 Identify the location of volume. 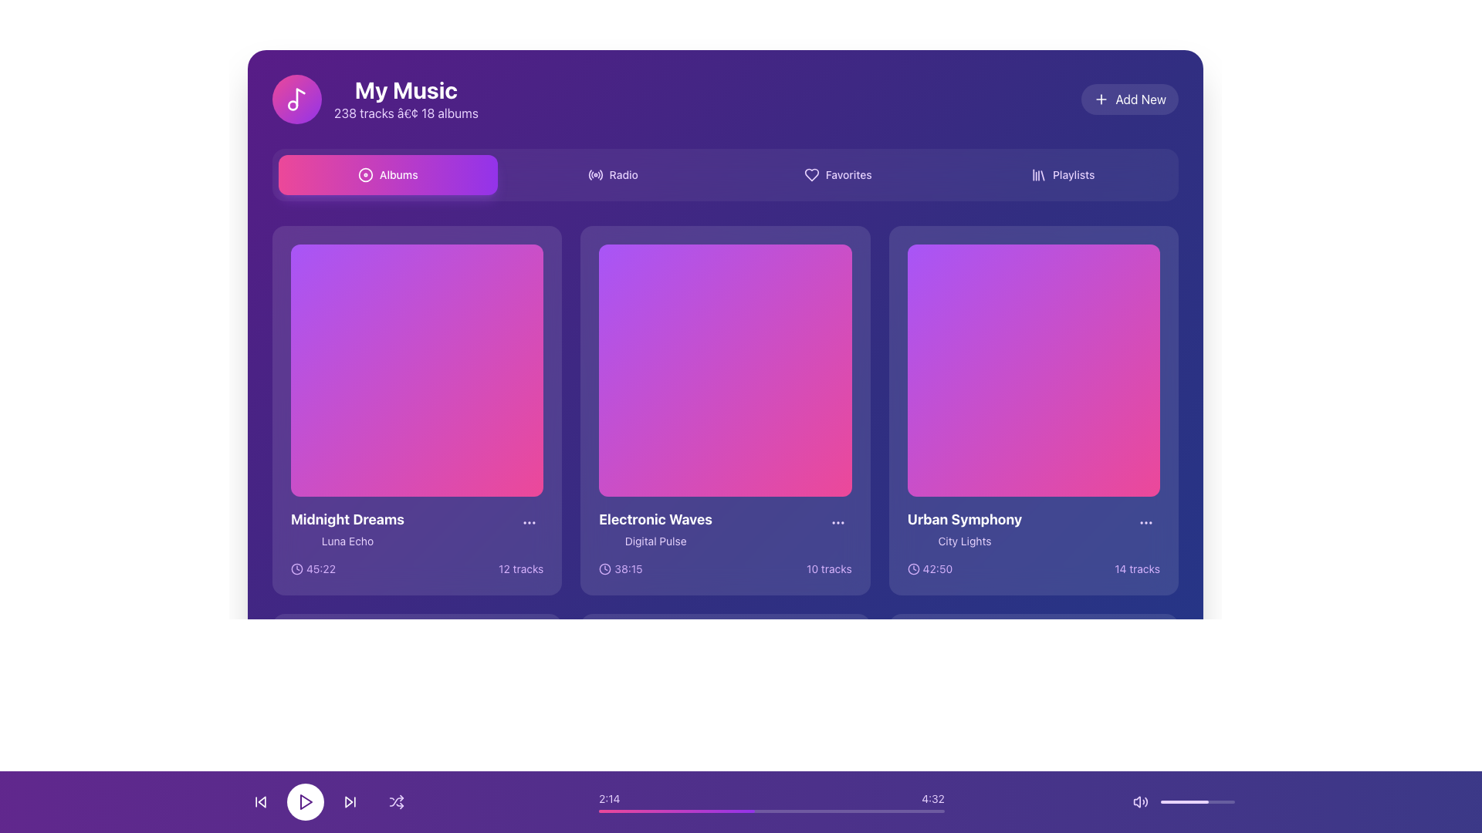
(1213, 801).